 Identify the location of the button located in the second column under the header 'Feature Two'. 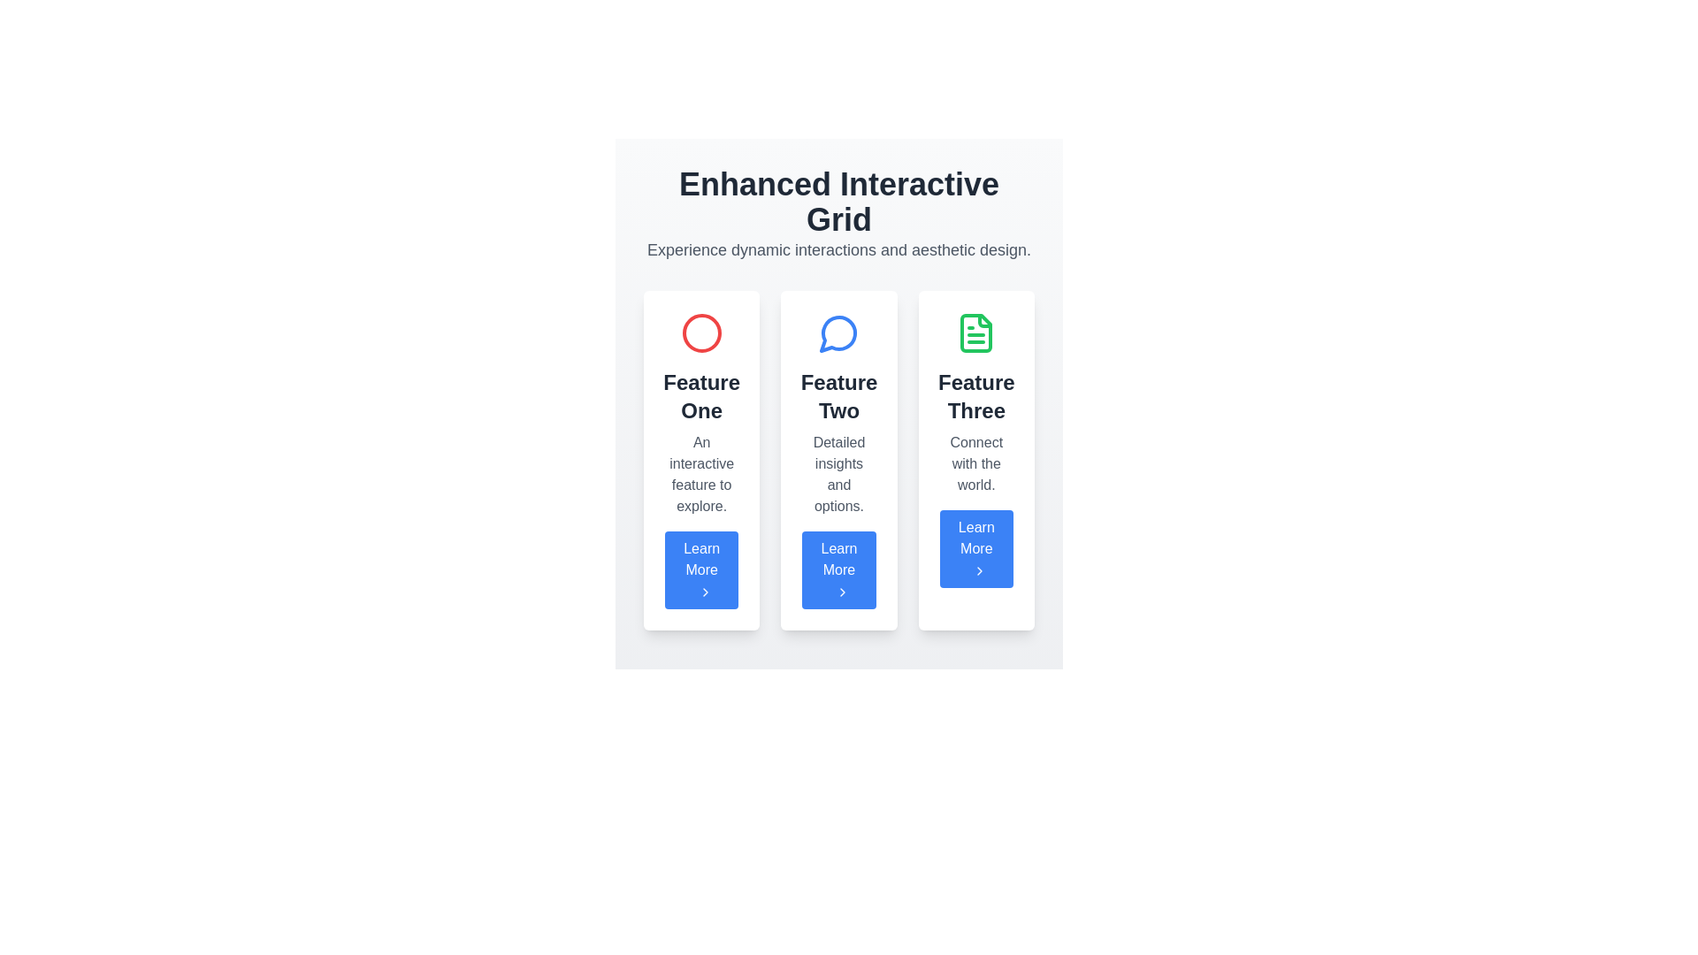
(838, 569).